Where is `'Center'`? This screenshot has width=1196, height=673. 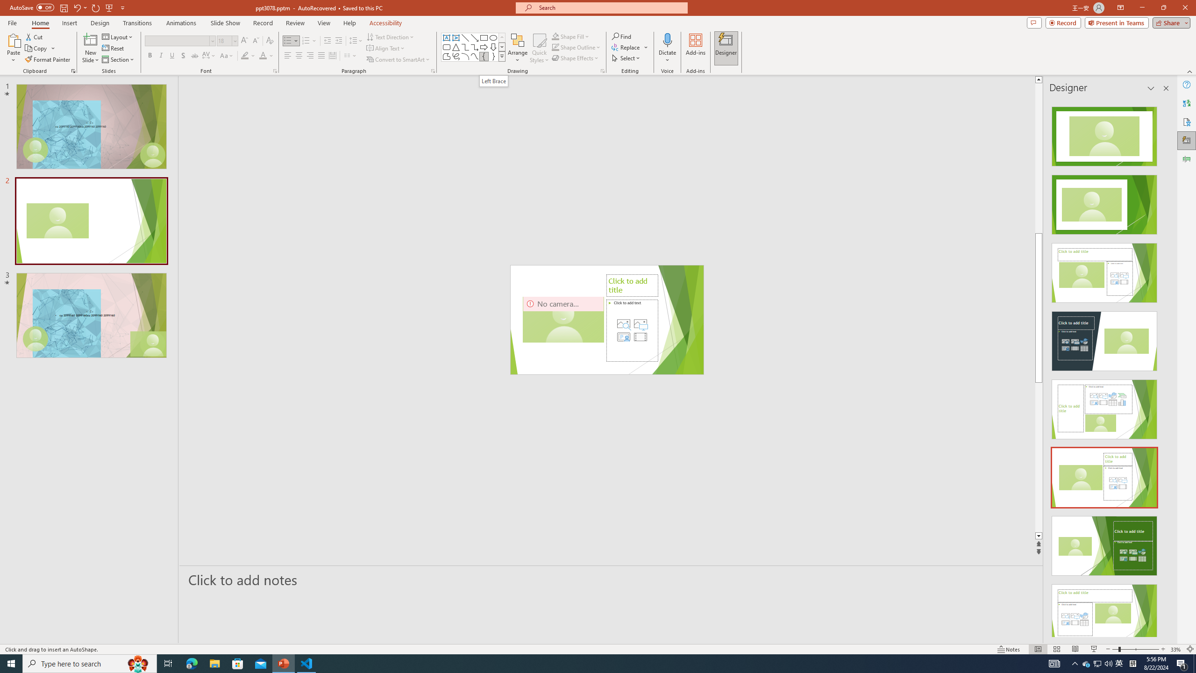
'Center' is located at coordinates (299, 55).